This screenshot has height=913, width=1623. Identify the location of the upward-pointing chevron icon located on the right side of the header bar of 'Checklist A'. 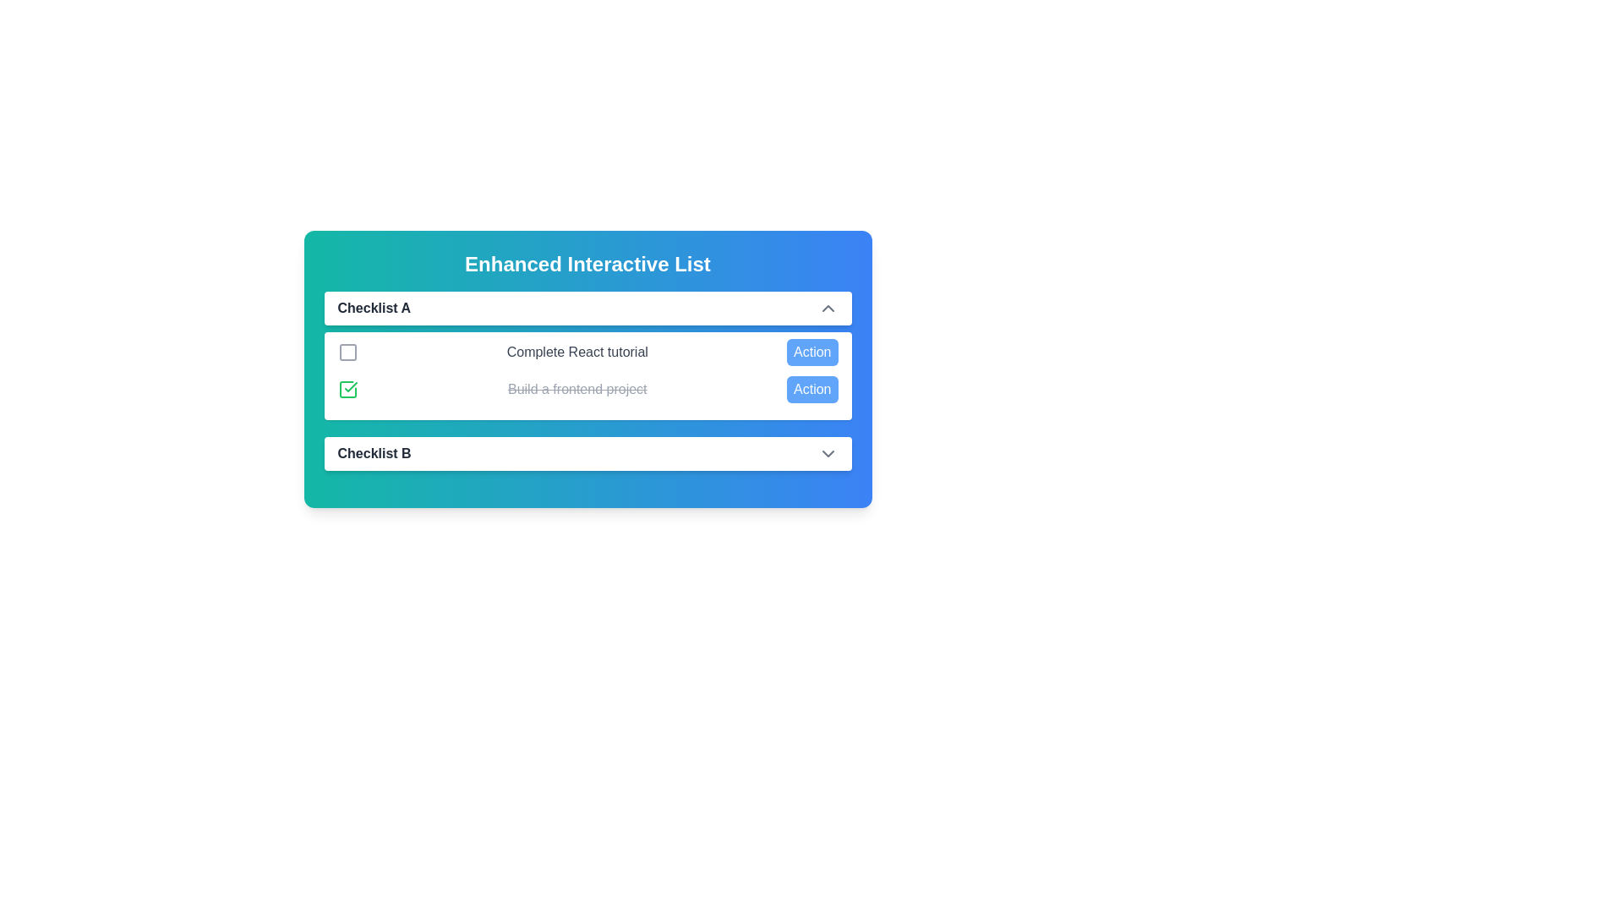
(828, 309).